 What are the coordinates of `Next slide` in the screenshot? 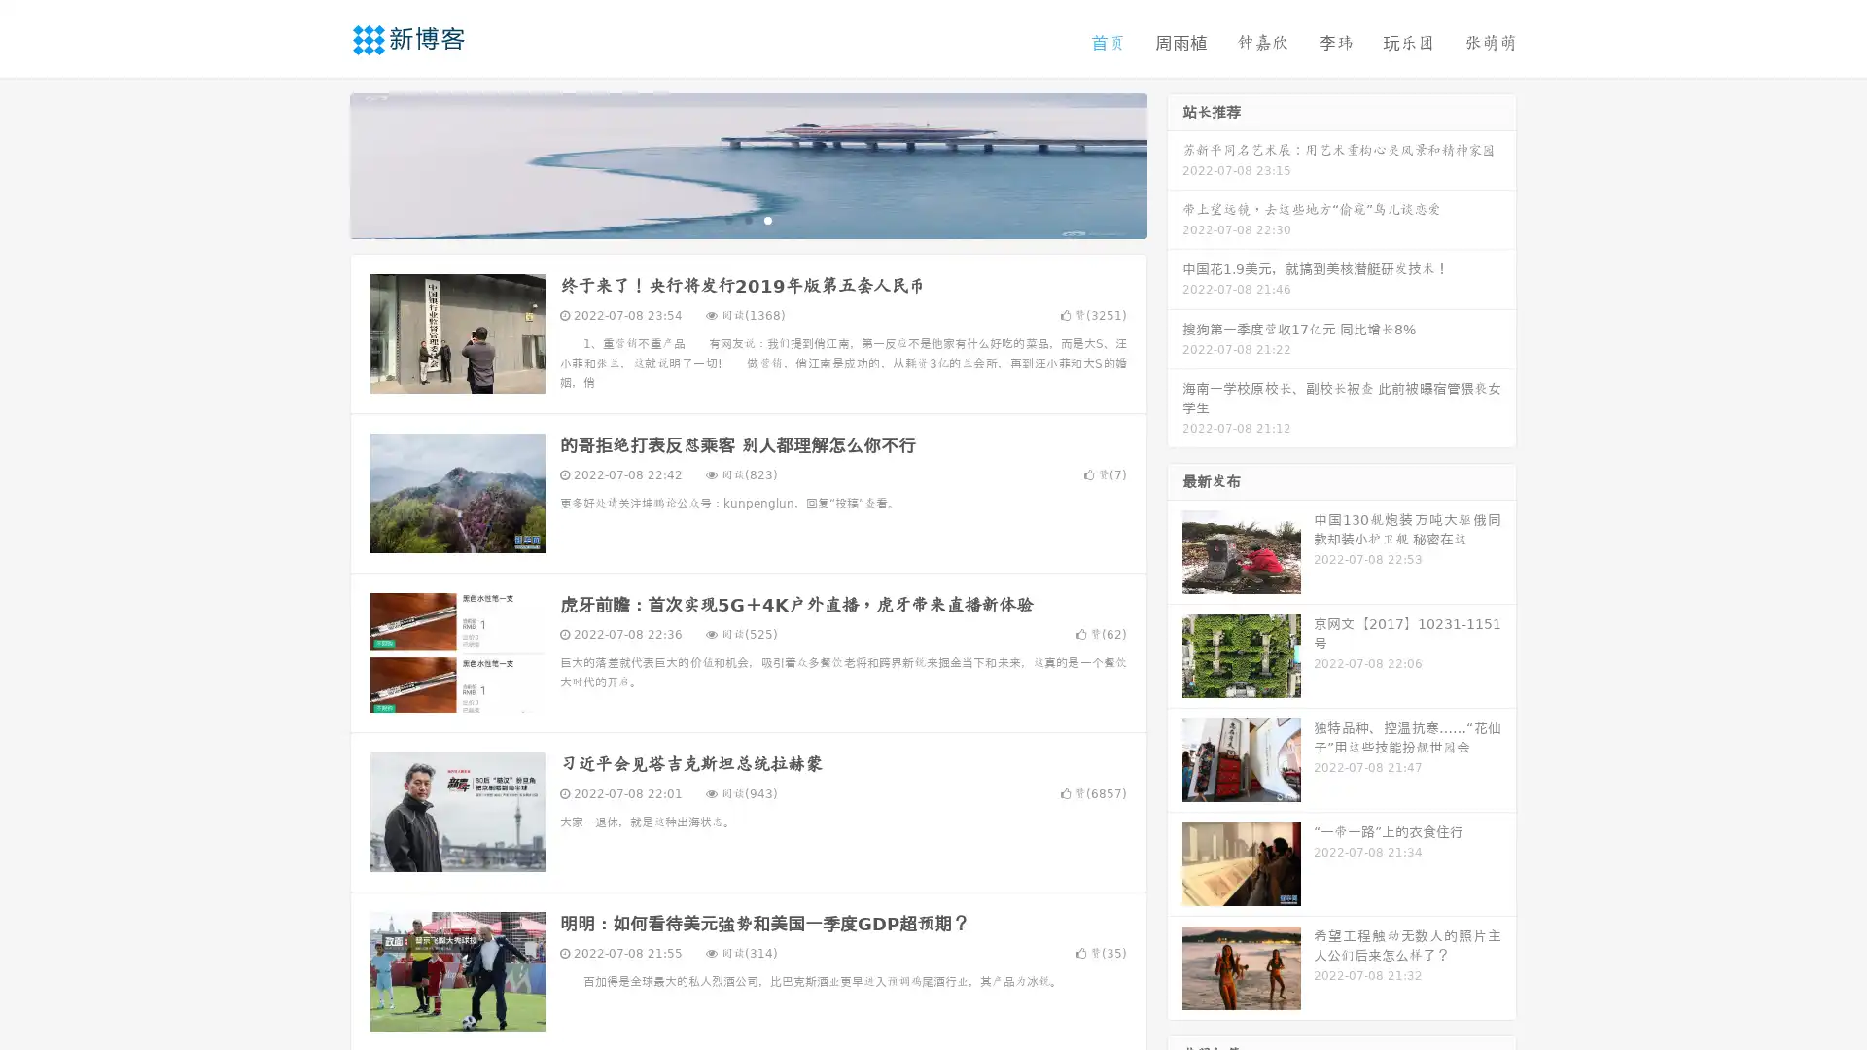 It's located at (1175, 163).